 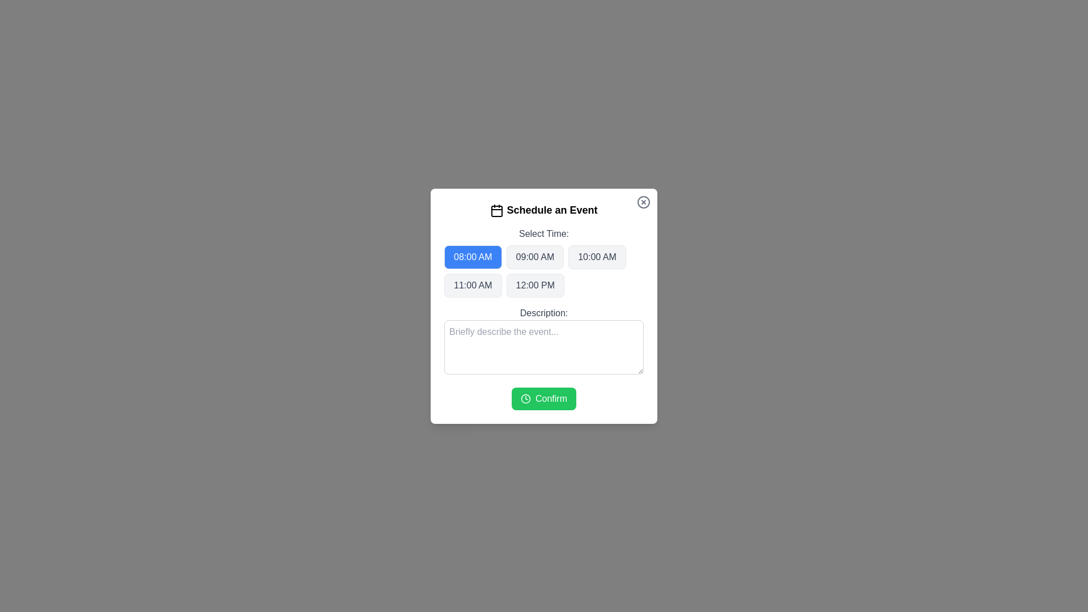 What do you see at coordinates (534, 257) in the screenshot?
I see `the rectangular button with softly rounded corners and dark gray text reading '09:00 AM'` at bounding box center [534, 257].